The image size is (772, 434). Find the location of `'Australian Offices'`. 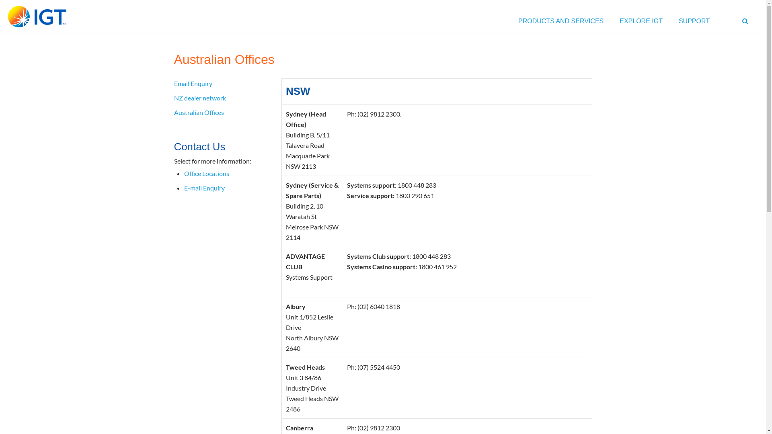

'Australian Offices' is located at coordinates (199, 112).